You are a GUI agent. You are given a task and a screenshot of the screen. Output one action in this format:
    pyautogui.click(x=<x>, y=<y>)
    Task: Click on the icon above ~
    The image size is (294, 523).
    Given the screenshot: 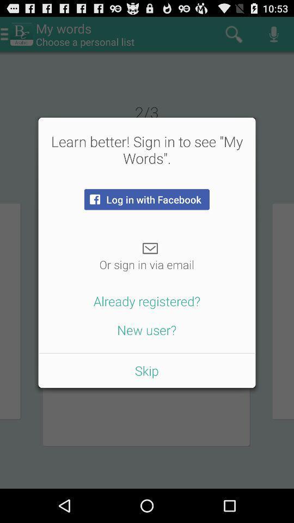 What is the action you would take?
    pyautogui.click(x=146, y=199)
    